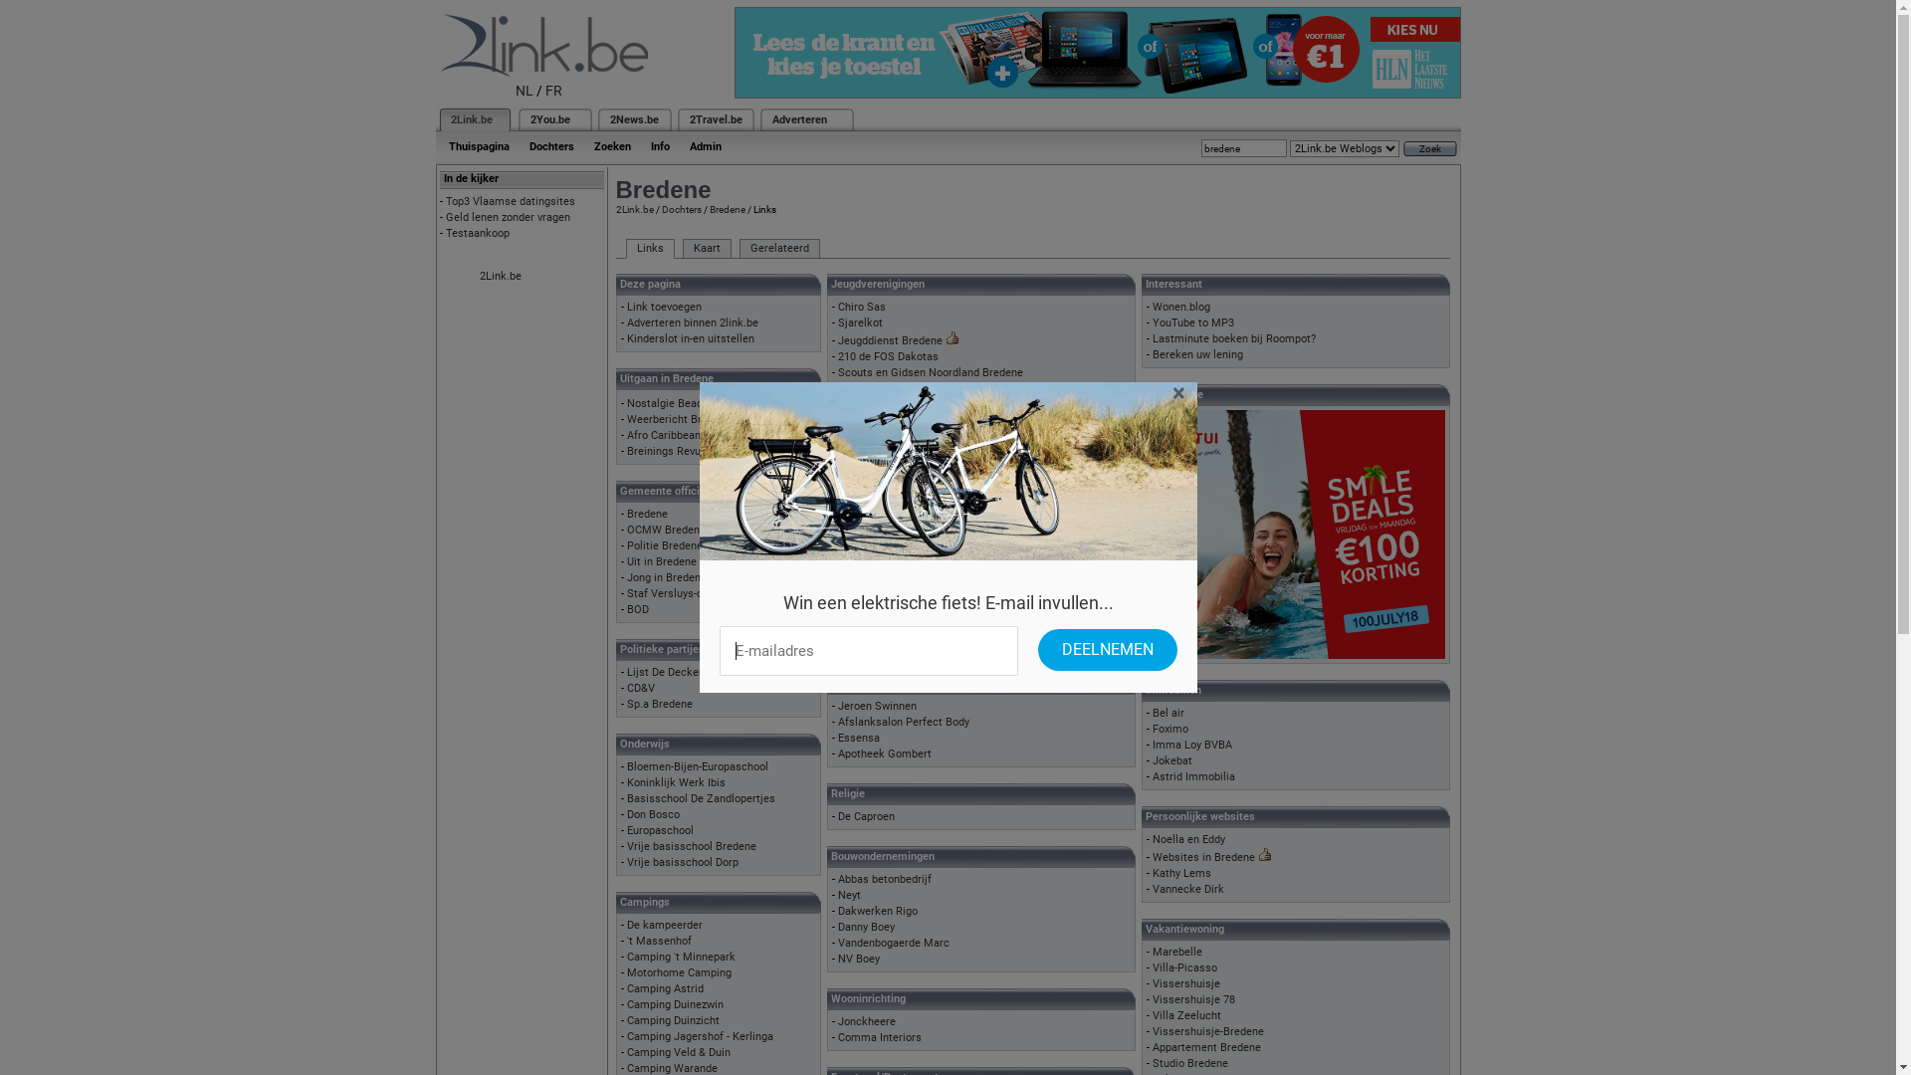 The image size is (1911, 1075). What do you see at coordinates (1207, 1030) in the screenshot?
I see `'Vissershuisje-Bredene'` at bounding box center [1207, 1030].